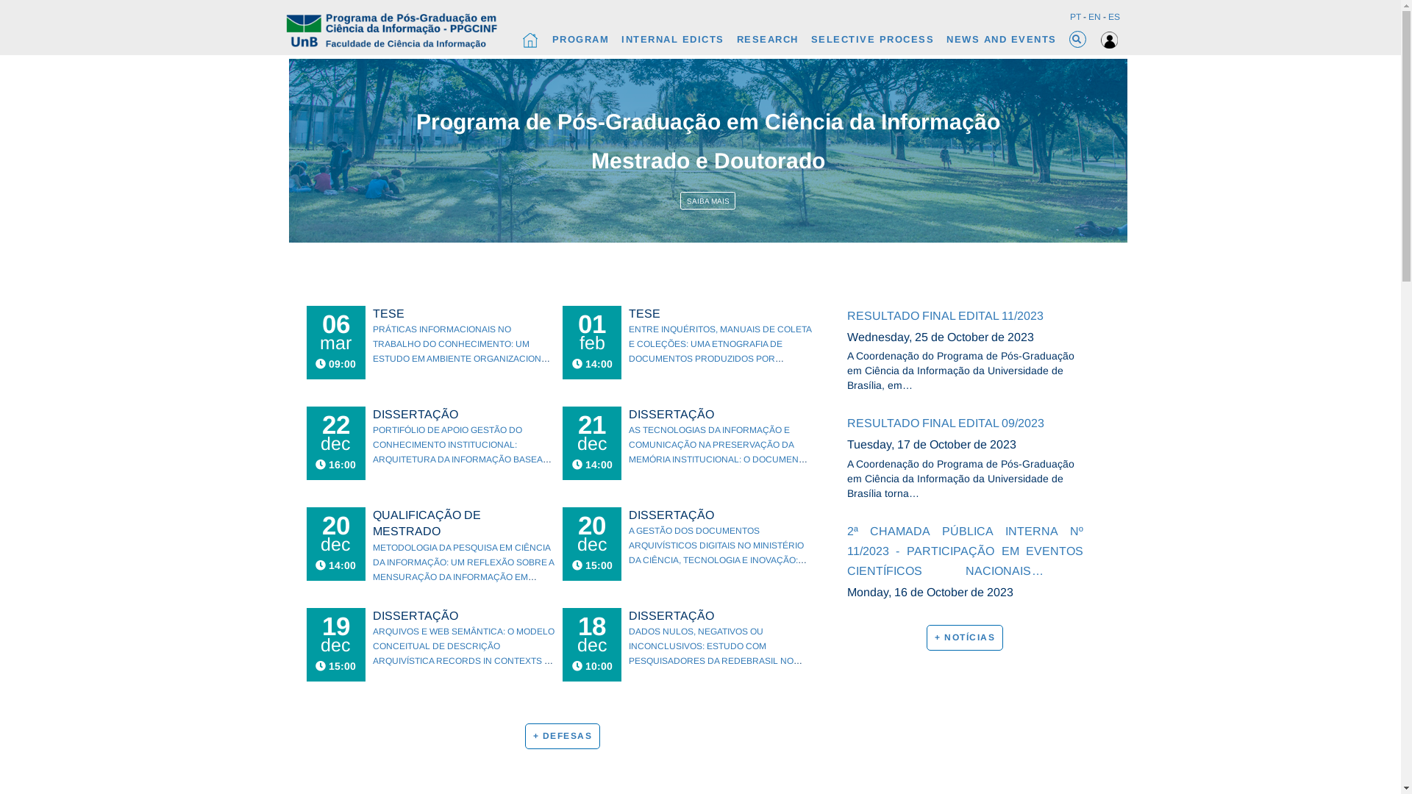 Image resolution: width=1412 pixels, height=794 pixels. What do you see at coordinates (525, 736) in the screenshot?
I see `'+ DEFESAS'` at bounding box center [525, 736].